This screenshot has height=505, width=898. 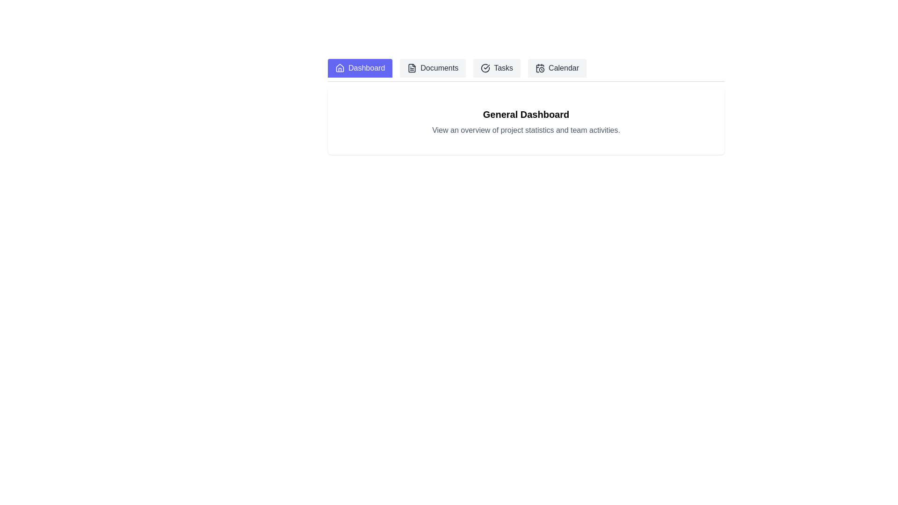 I want to click on the 'General Dashboard' section which includes the heading and descriptive text, serving as an introduction for users, so click(x=526, y=122).